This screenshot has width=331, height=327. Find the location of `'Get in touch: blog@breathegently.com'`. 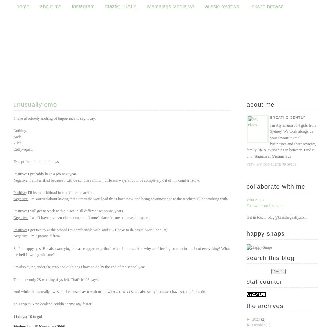

'Get in touch: blog@breathegently.com' is located at coordinates (276, 217).